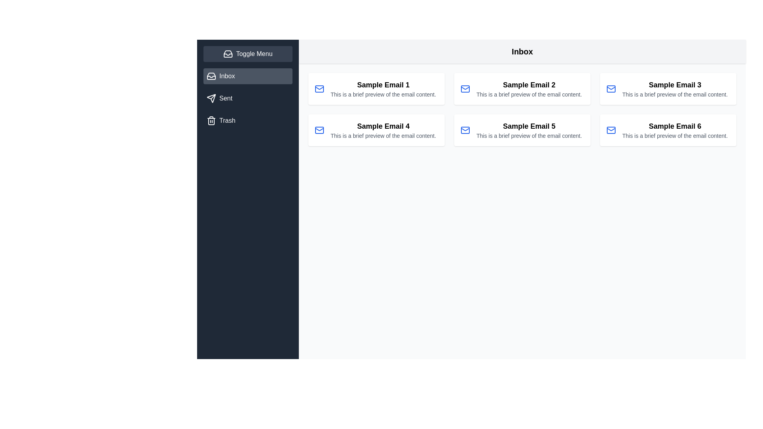 This screenshot has width=763, height=429. I want to click on text displayed on the title label of the email preview, which is located in the second column of the top row within the structured grid, so click(529, 85).